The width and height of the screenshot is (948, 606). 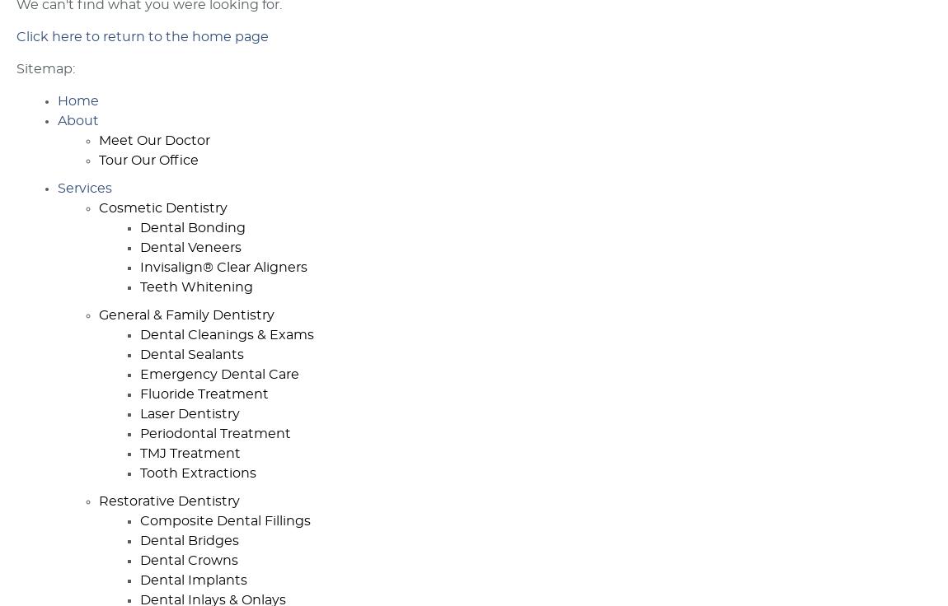 I want to click on 'Home', so click(x=57, y=100).